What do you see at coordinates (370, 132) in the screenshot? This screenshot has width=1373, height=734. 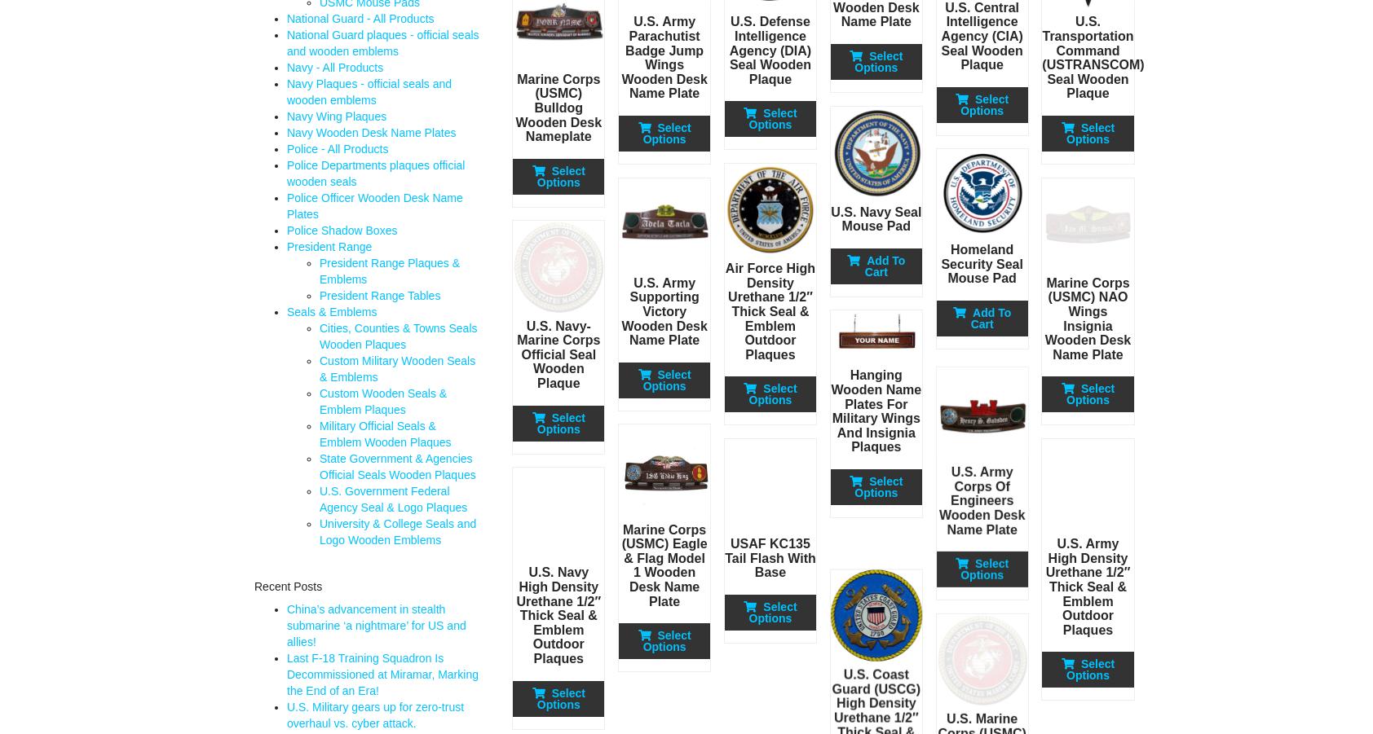 I see `'Navy Wooden Desk Name Plates'` at bounding box center [370, 132].